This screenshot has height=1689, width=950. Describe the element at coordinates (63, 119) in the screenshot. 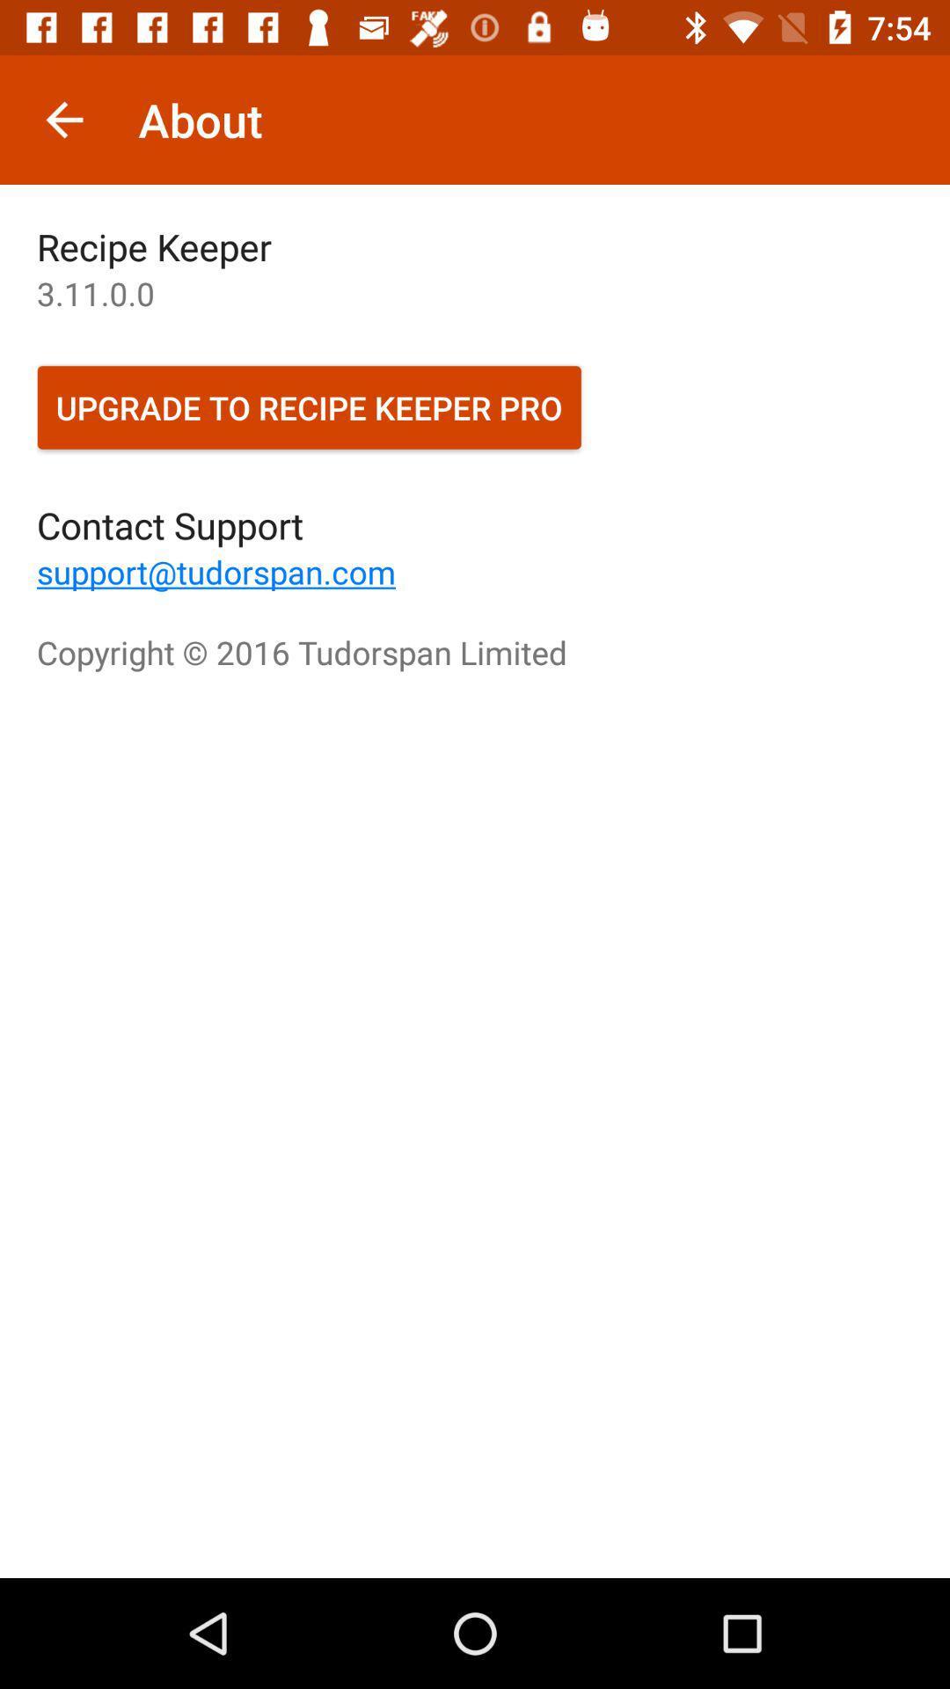

I see `item to the left of the about` at that location.